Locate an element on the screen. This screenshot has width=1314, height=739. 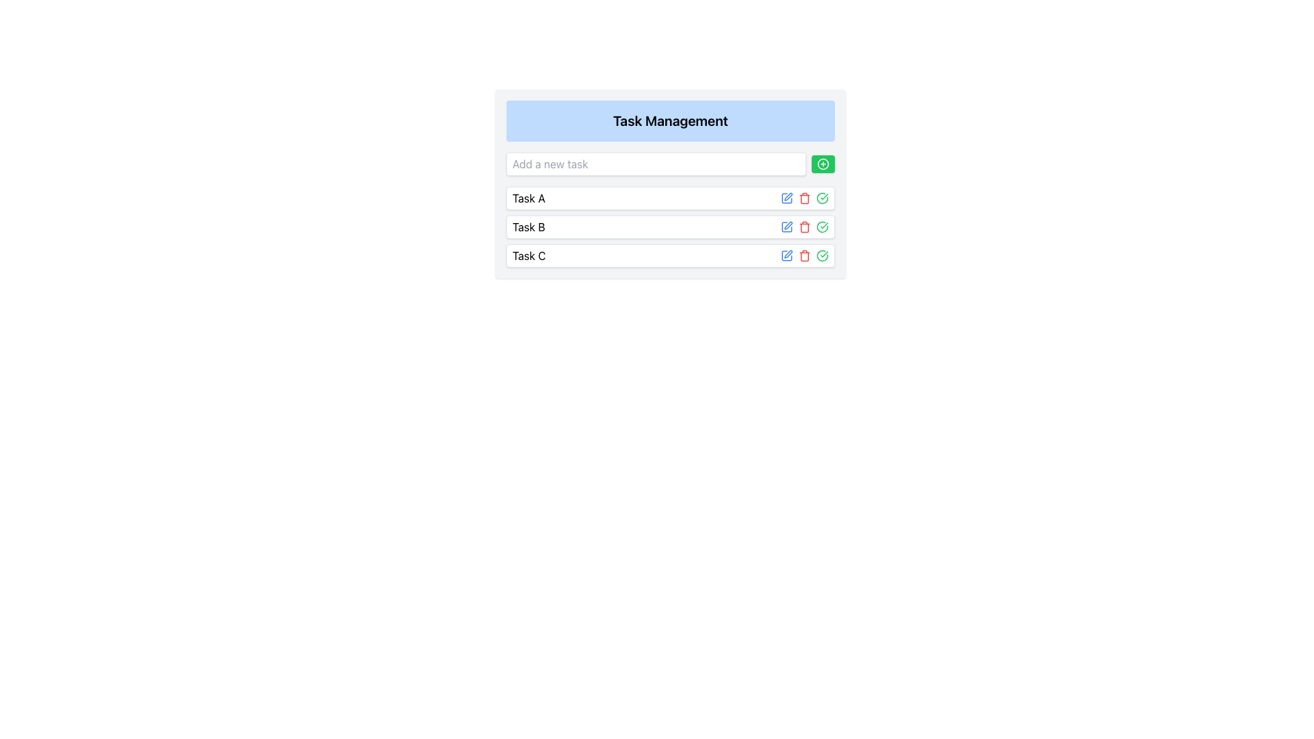
the pen-like icon within the bordered square in the action icons group of 'Task B' on the task manager interface is located at coordinates (788, 224).